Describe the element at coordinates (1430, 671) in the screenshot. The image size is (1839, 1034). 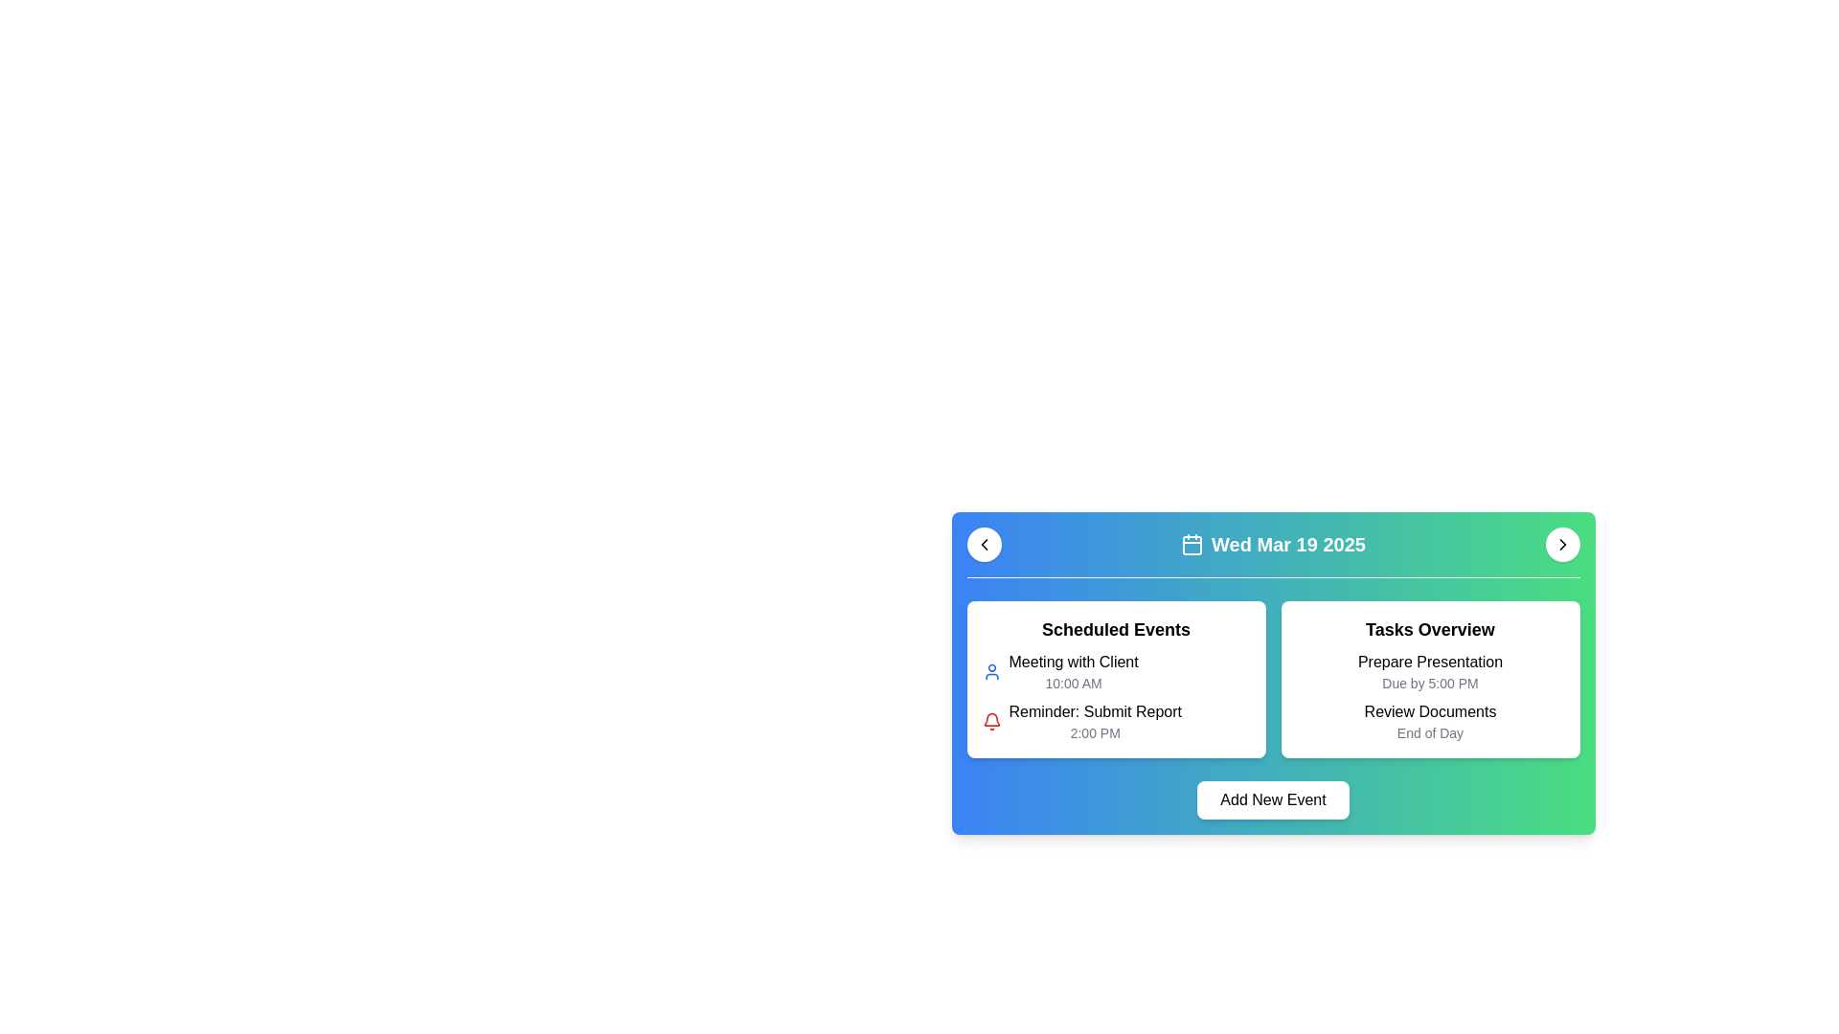
I see `task information displayed in the text block labeled 'Prepare Presentation' with a deadline at 5:00 PM, located in the 'Tasks Overview' section on the right side of the interface` at that location.